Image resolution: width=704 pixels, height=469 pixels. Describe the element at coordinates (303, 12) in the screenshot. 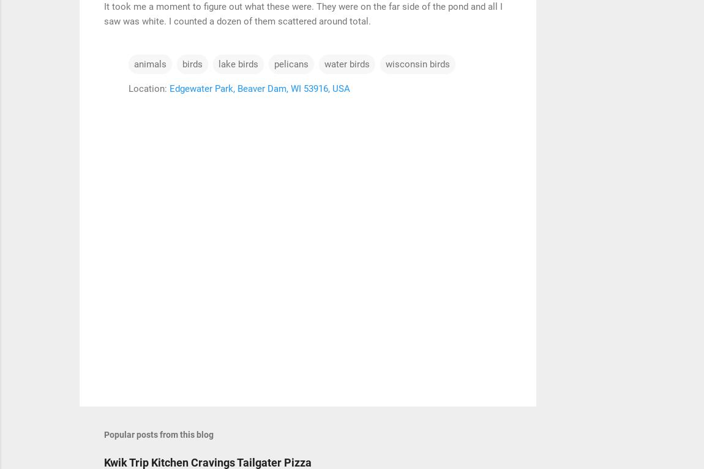

I see `'It took me a moment to figure out what these were. They were on the far side of the pond and all I saw was white. I counted a dozen of them scattered around total.'` at that location.